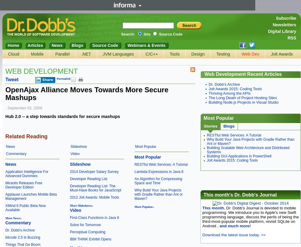  What do you see at coordinates (281, 54) in the screenshot?
I see `'Jolt Awards'` at bounding box center [281, 54].